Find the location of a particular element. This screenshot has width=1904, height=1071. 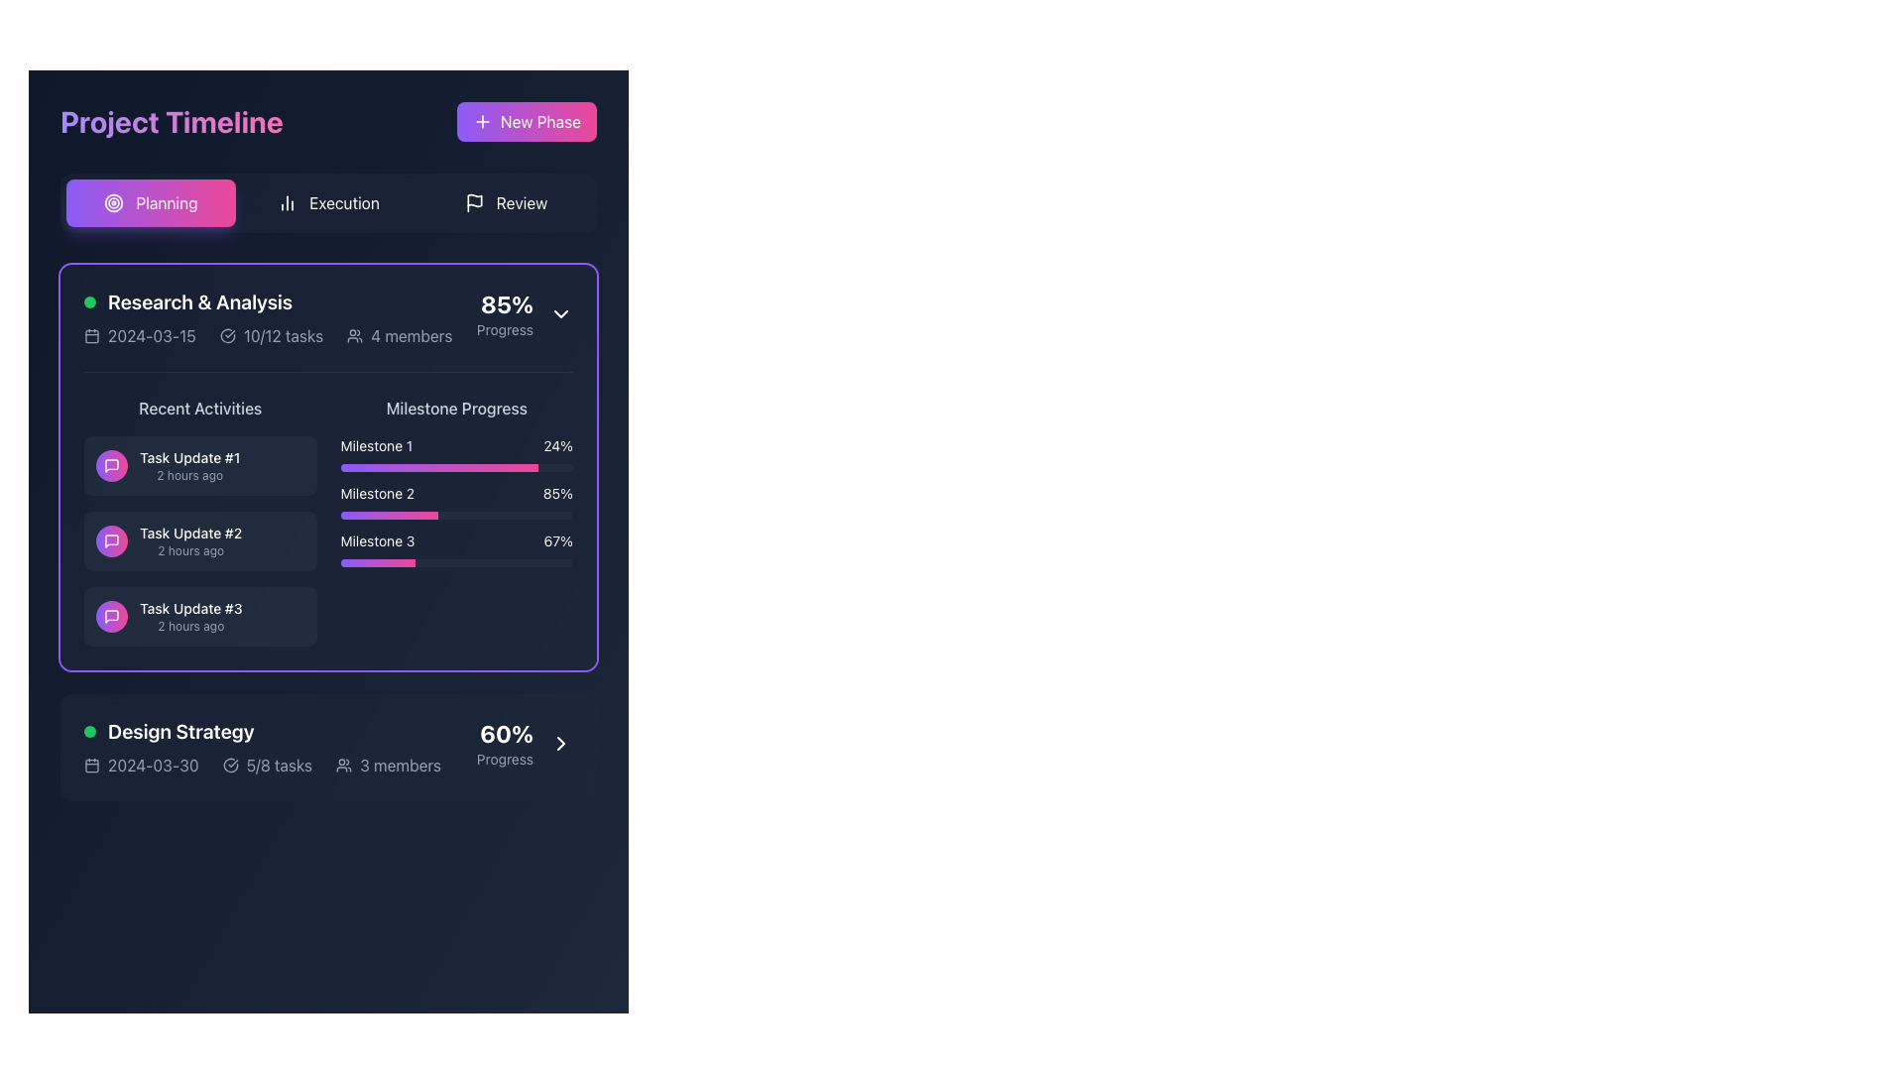

text label that signifies the title of a task update located in the 'Research & Analysis' section's 'Recent Activities' list, specifically the third item from the top is located at coordinates (190, 607).